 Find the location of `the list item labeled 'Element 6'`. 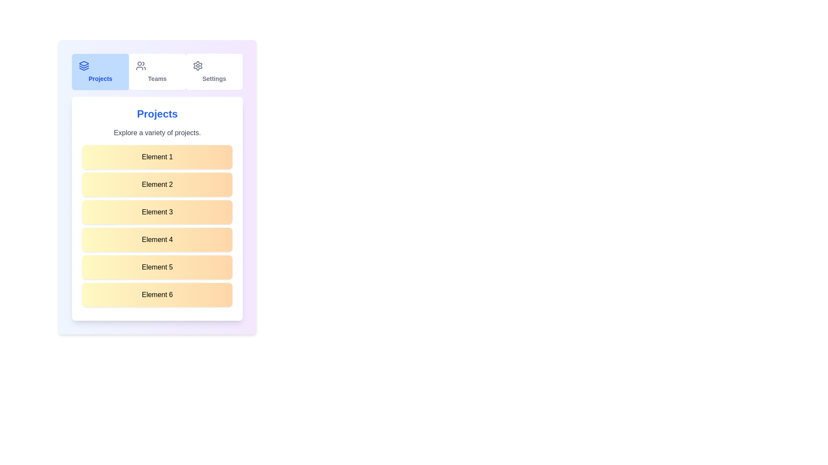

the list item labeled 'Element 6' is located at coordinates (157, 294).